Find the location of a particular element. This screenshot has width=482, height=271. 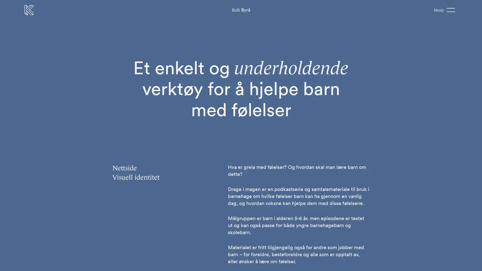

Meny is located at coordinates (443, 10).